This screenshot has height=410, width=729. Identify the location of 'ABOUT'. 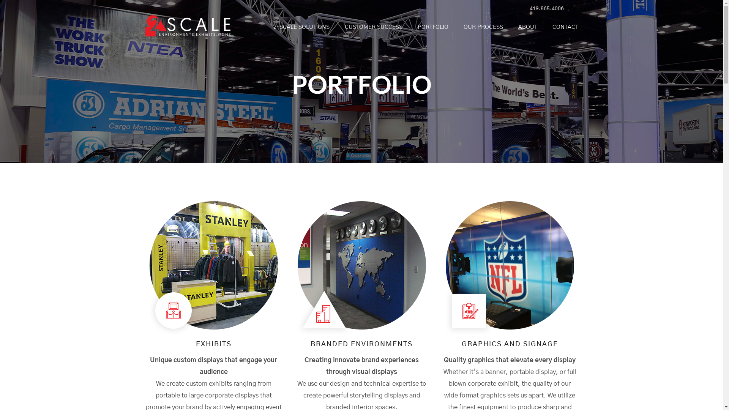
(527, 27).